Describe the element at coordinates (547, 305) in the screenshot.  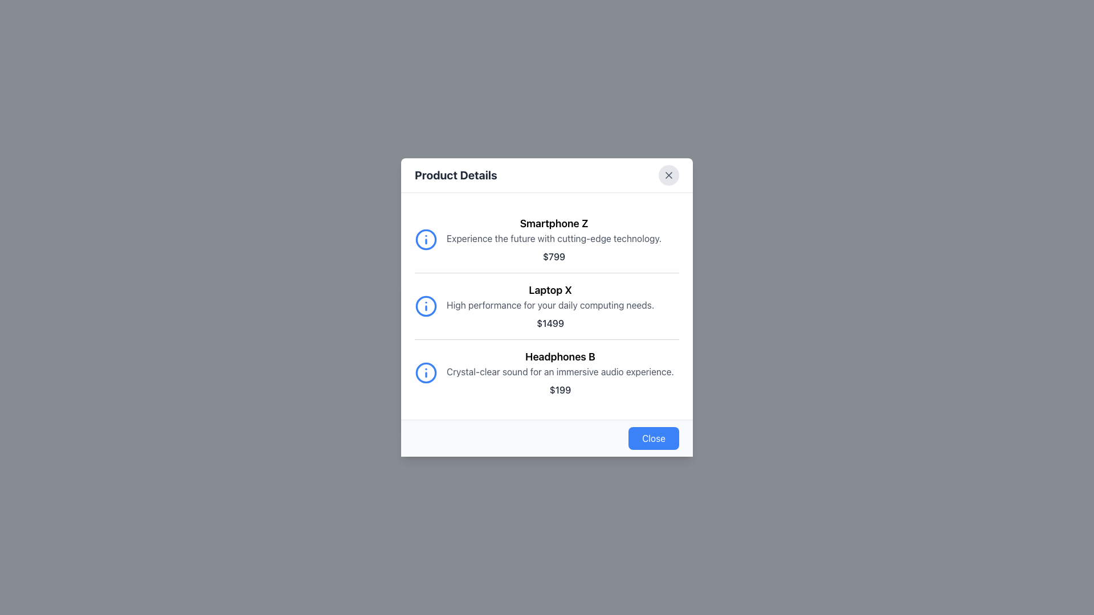
I see `the Product Information Display for Laptop X` at that location.